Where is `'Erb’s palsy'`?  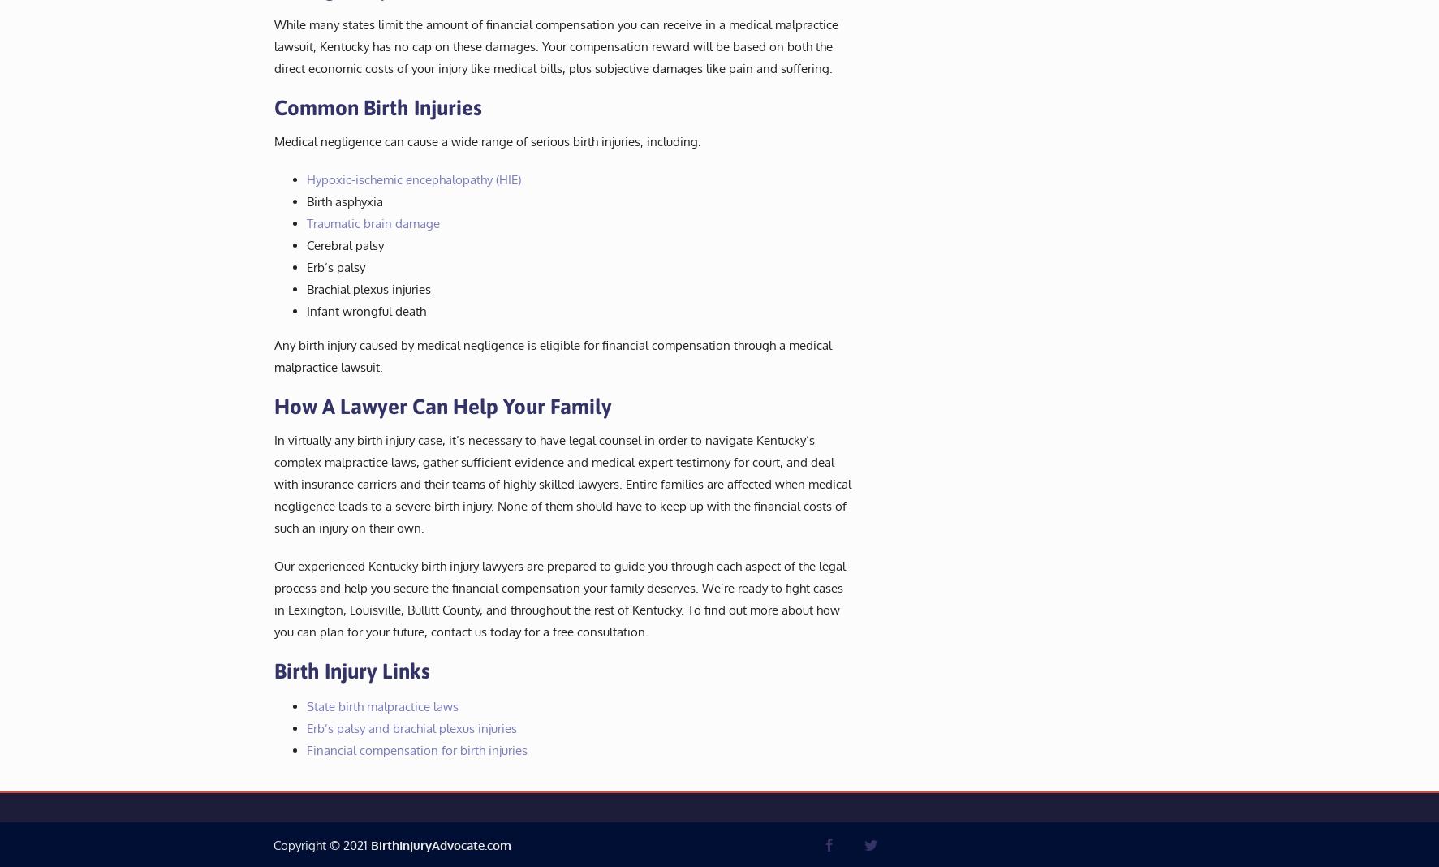 'Erb’s palsy' is located at coordinates (334, 265).